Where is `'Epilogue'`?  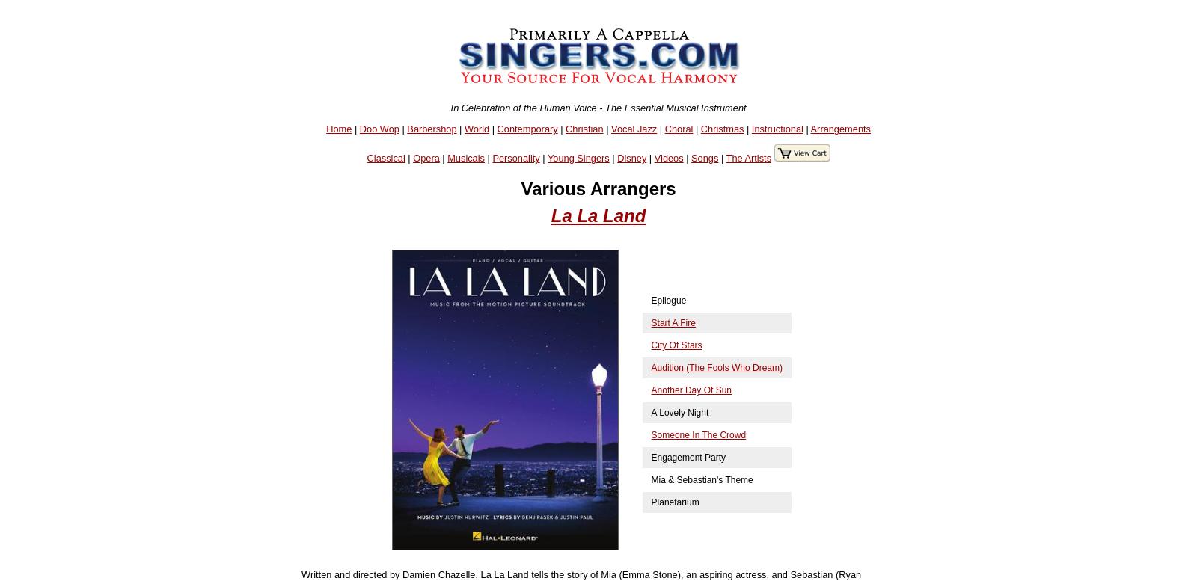
'Epilogue' is located at coordinates (667, 300).